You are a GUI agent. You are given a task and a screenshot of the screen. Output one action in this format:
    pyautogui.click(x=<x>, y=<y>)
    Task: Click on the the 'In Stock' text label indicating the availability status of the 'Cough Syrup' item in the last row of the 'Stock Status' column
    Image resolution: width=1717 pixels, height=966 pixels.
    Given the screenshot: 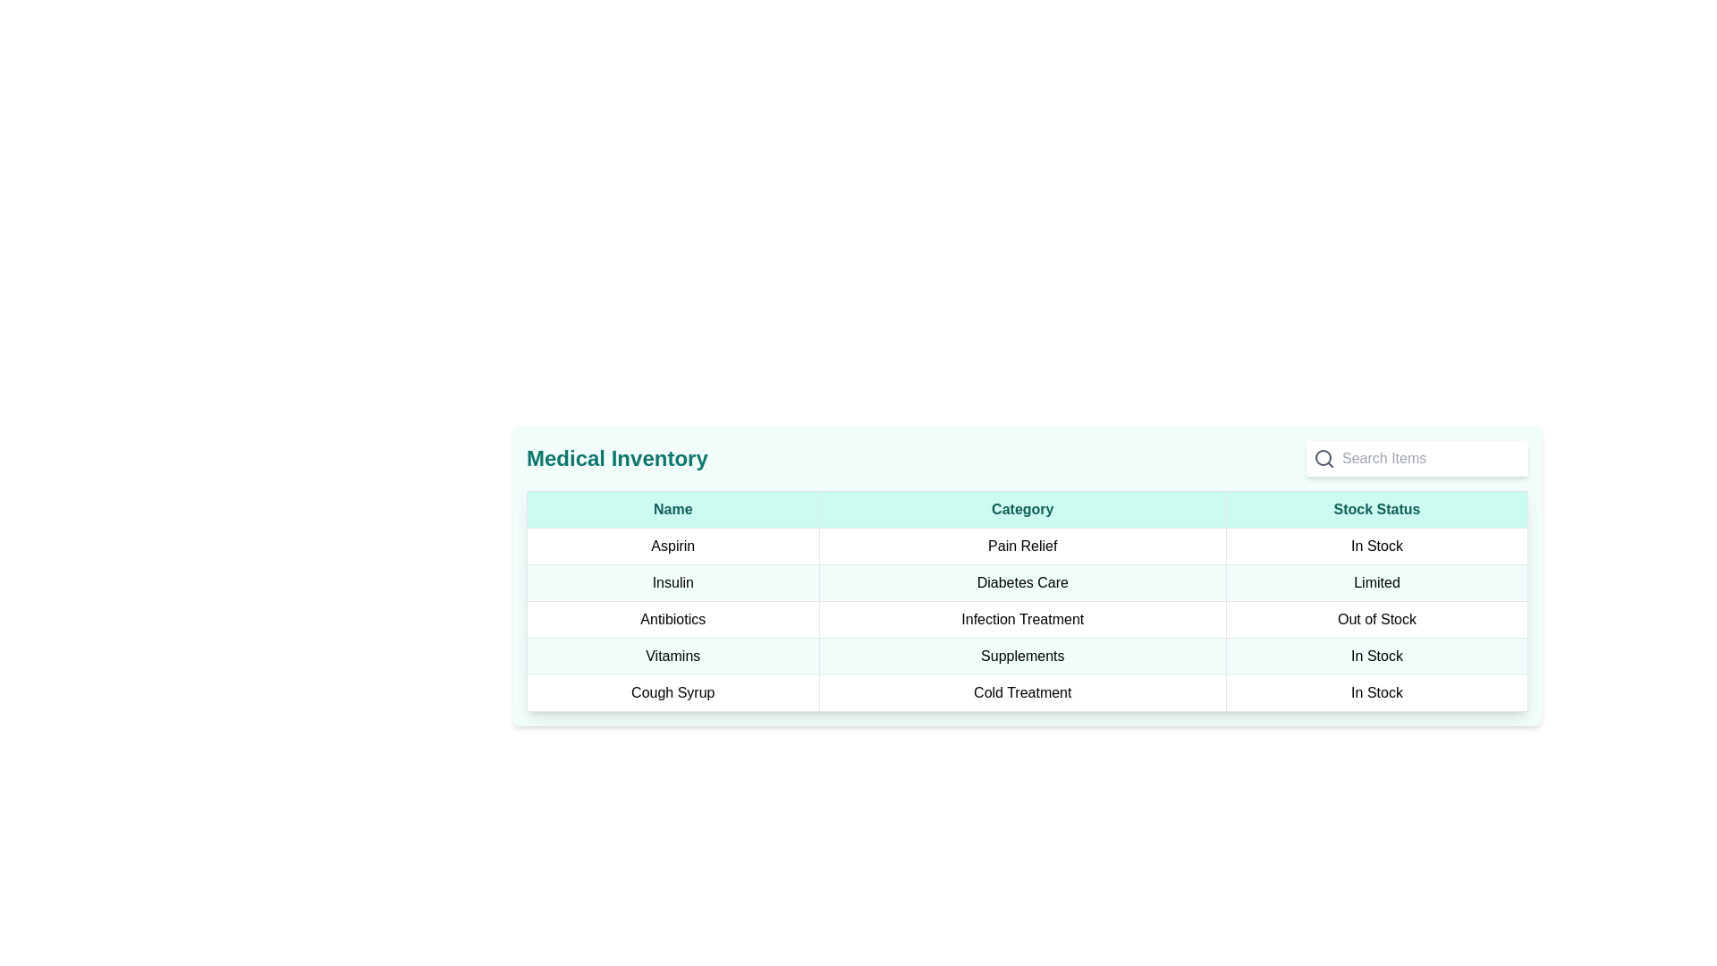 What is the action you would take?
    pyautogui.click(x=1376, y=692)
    